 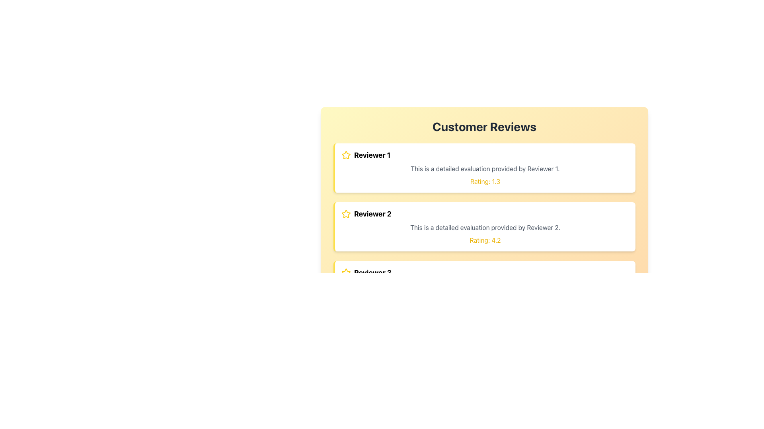 What do you see at coordinates (372, 214) in the screenshot?
I see `the bold text element labeled 'Reviewer 2' in the second review card, which is positioned to the right of a star icon` at bounding box center [372, 214].